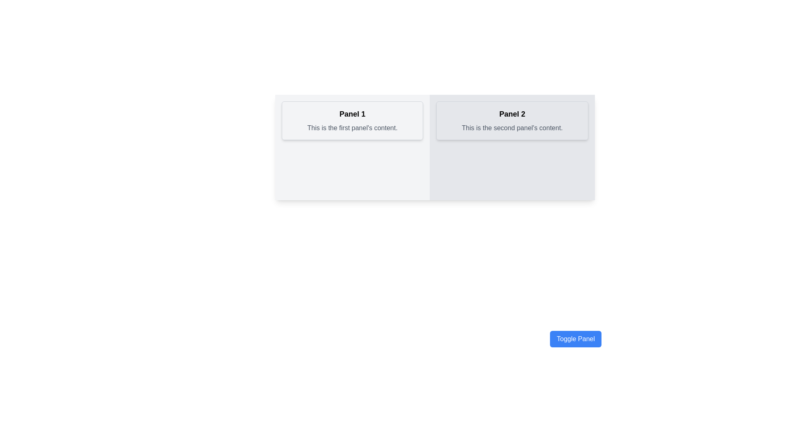 The width and height of the screenshot is (791, 445). I want to click on the Text Label located under the 'Panel 2' header in the second panel, so click(512, 128).